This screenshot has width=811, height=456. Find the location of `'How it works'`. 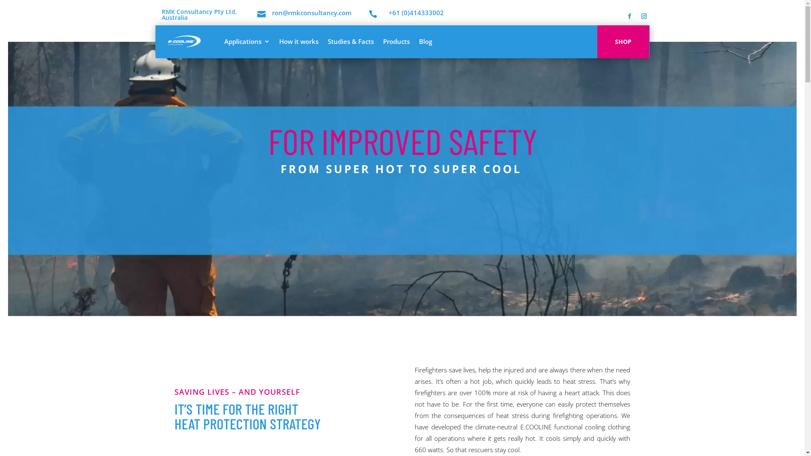

'How it works' is located at coordinates (298, 41).